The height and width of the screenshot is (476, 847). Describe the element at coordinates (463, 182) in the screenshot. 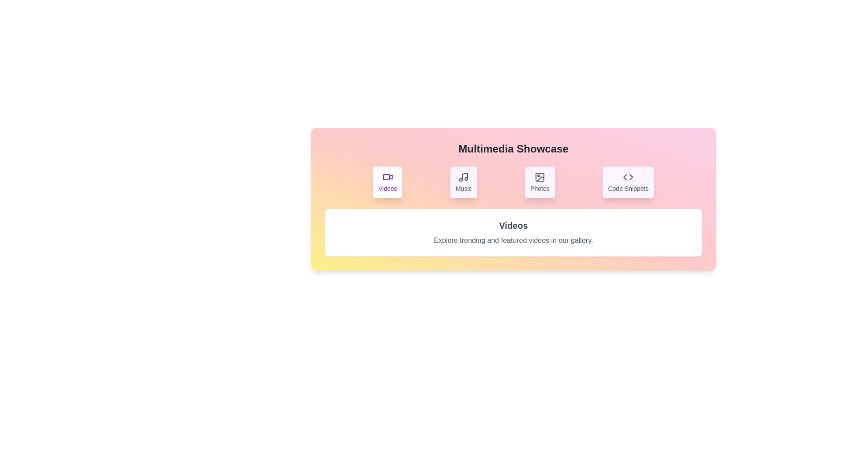

I see `the Music tab to view its content` at that location.